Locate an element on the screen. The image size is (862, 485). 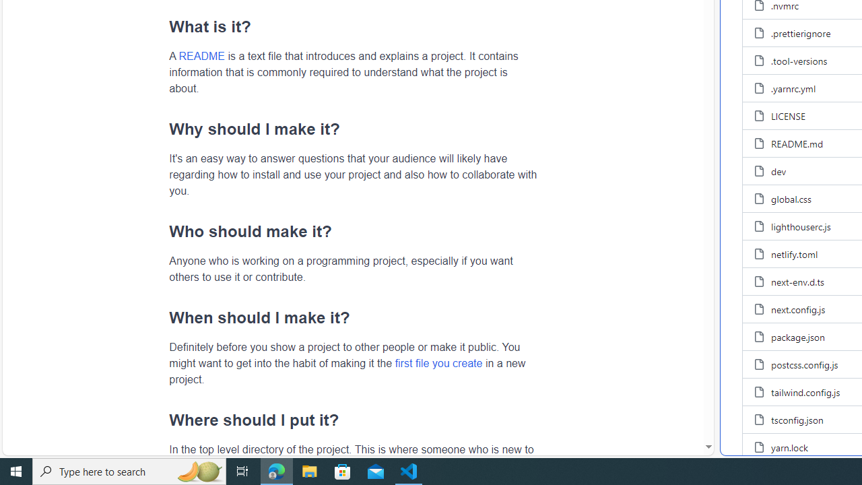
'README' is located at coordinates (201, 55).